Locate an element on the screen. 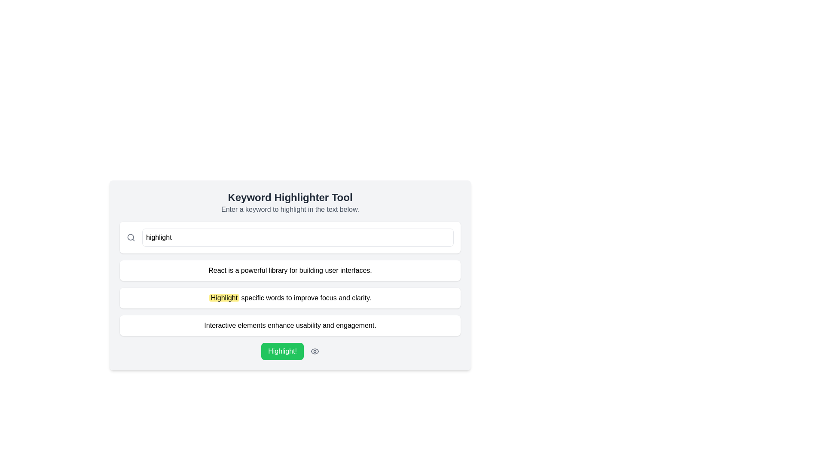  the circular search icon element located within the input field section at the top of the interface is located at coordinates (130, 237).